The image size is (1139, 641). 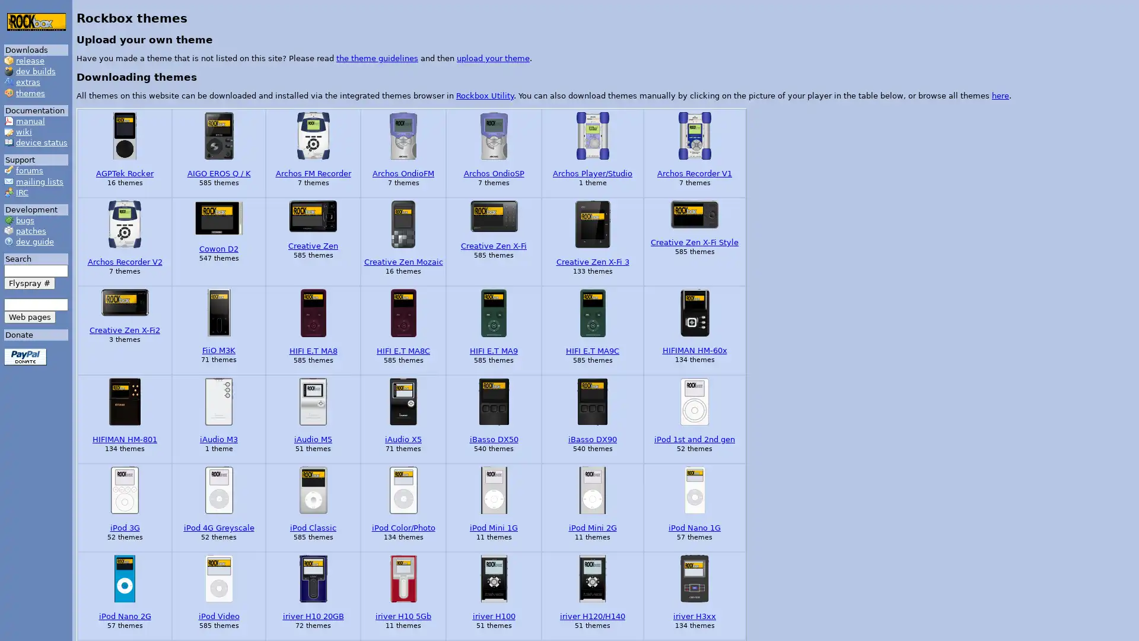 I want to click on Flyspray #, so click(x=29, y=283).